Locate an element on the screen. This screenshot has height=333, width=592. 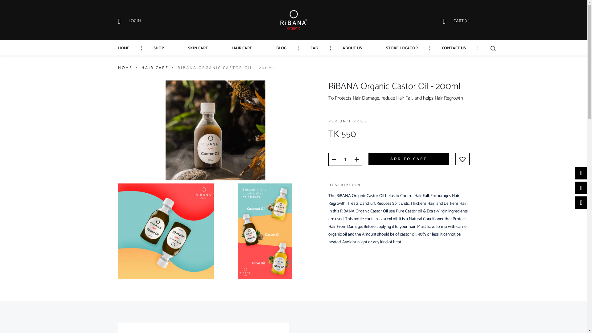
'favorite_border' is located at coordinates (462, 159).